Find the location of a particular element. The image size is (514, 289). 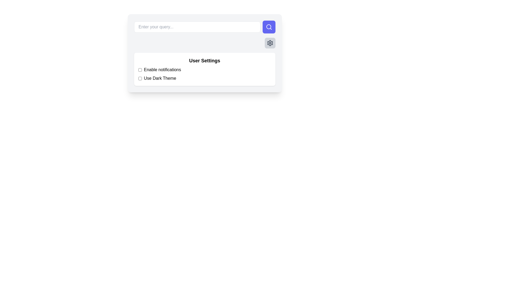

the search button with a magnifying glass icon located in the top right corner of the interface to initiate a search is located at coordinates (269, 27).